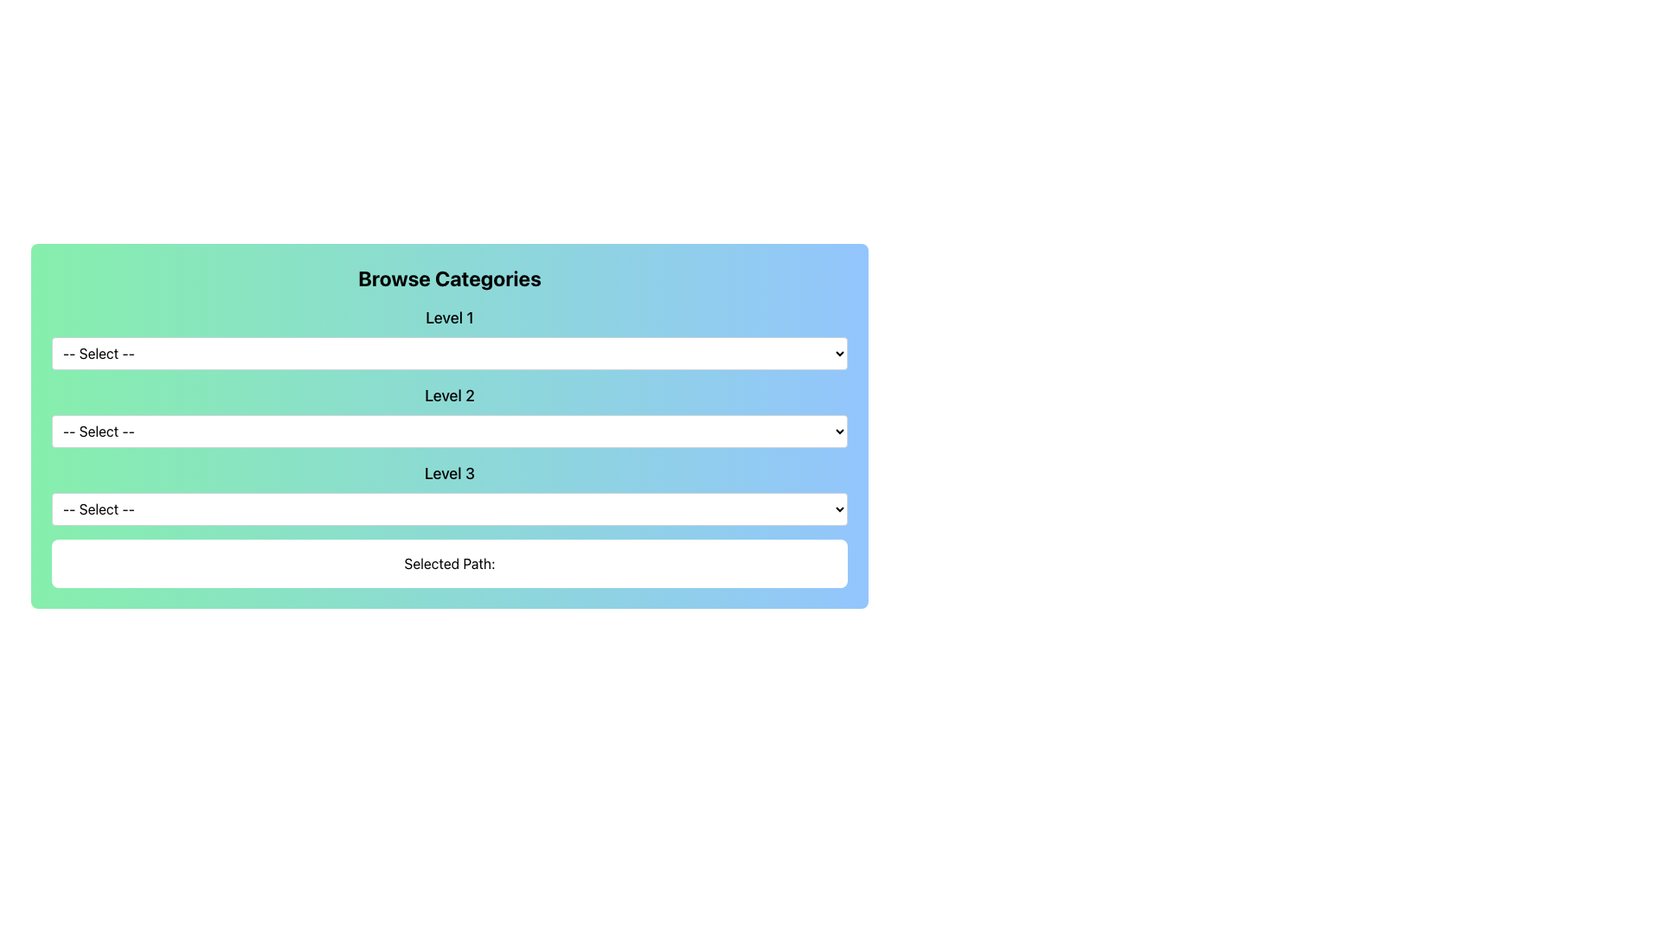 This screenshot has height=934, width=1661. Describe the element at coordinates (449, 317) in the screenshot. I see `the 'Level 1' static text label, which is displayed in bold black font above a dropdown menu and located under the heading 'Browse Categories'` at that location.